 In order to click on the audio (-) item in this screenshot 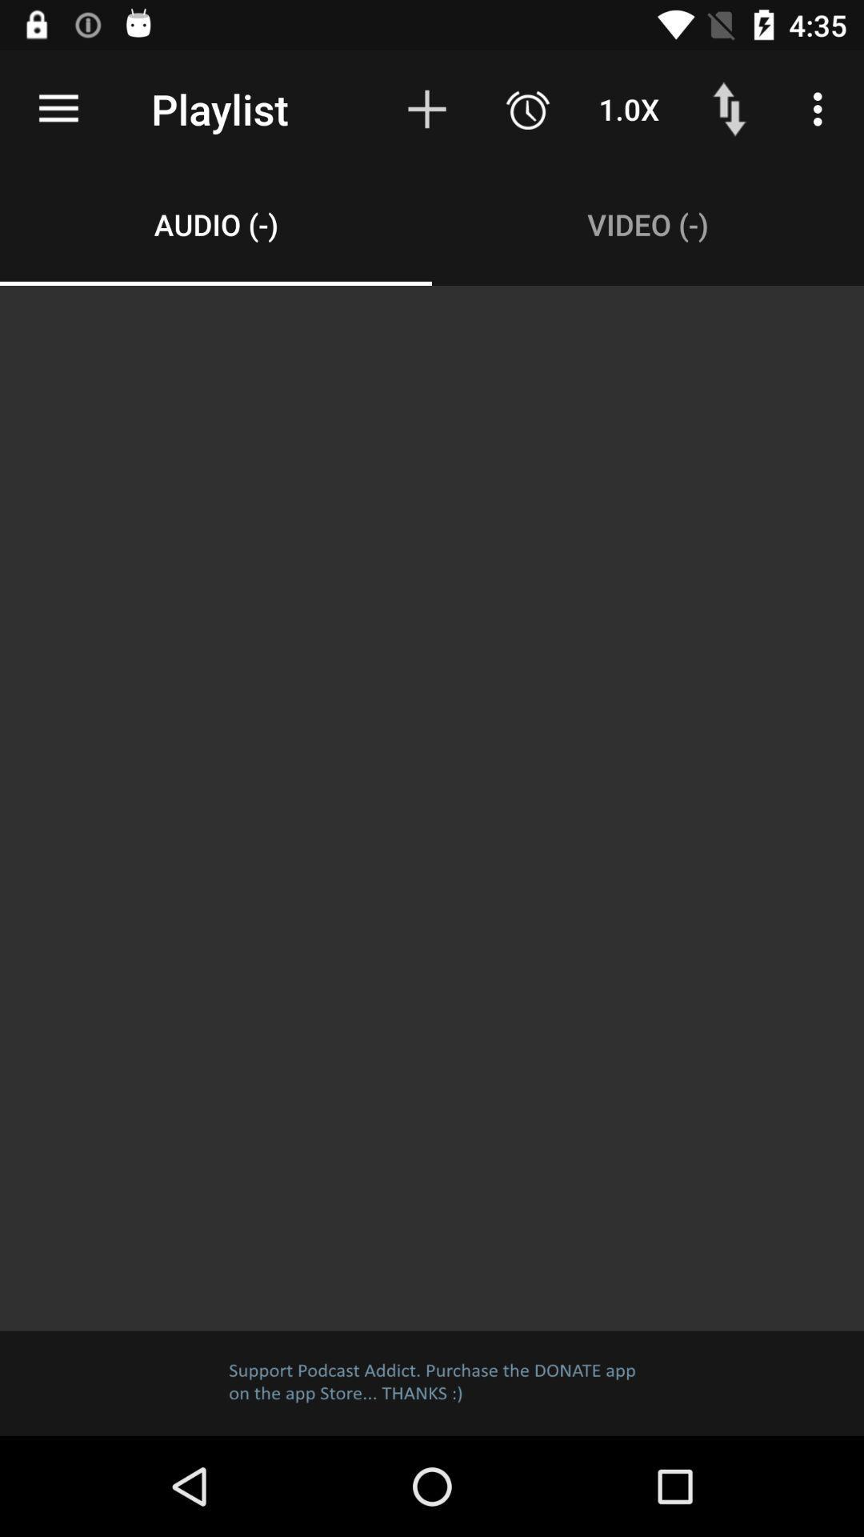, I will do `click(216, 223)`.